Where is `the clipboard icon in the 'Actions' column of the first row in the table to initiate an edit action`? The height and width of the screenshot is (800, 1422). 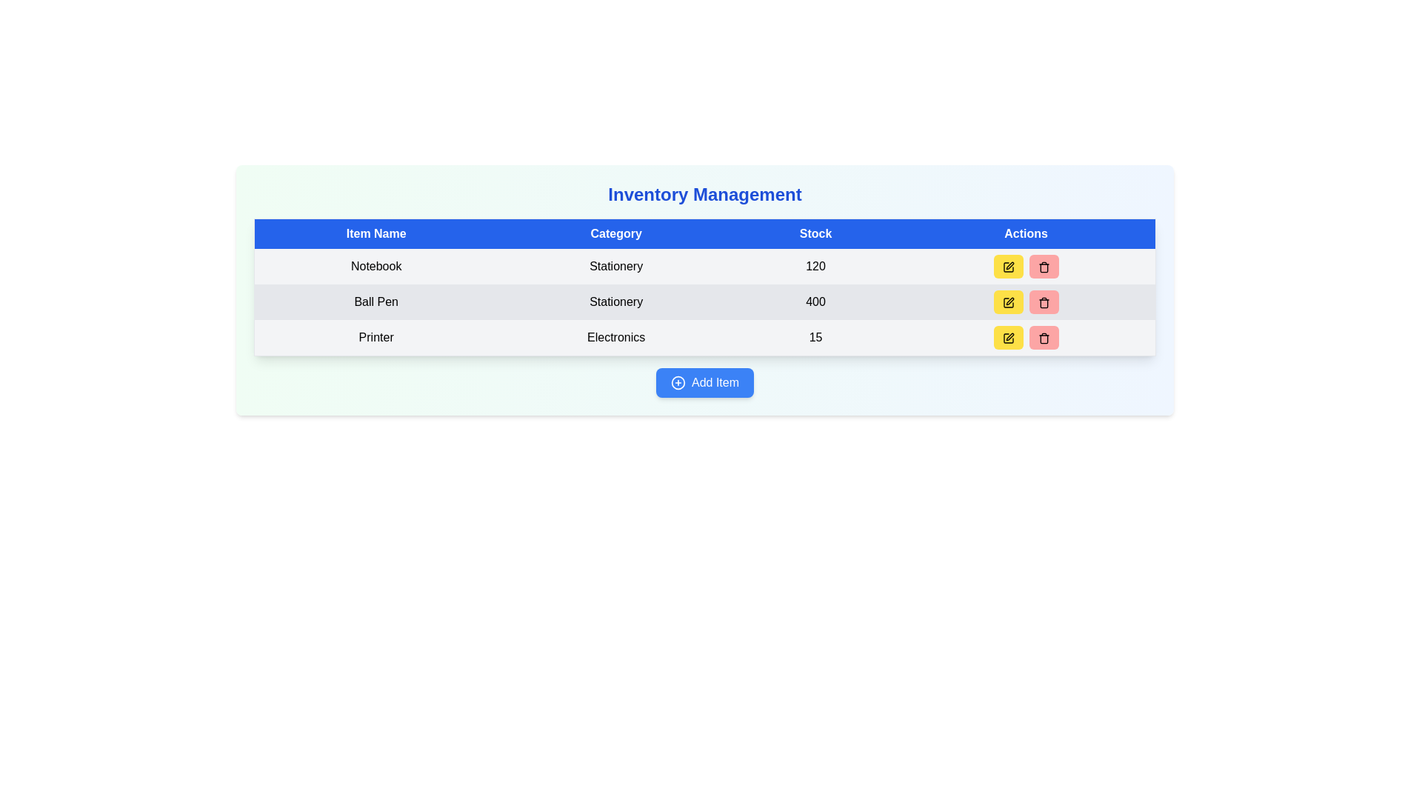 the clipboard icon in the 'Actions' column of the first row in the table to initiate an edit action is located at coordinates (1007, 267).